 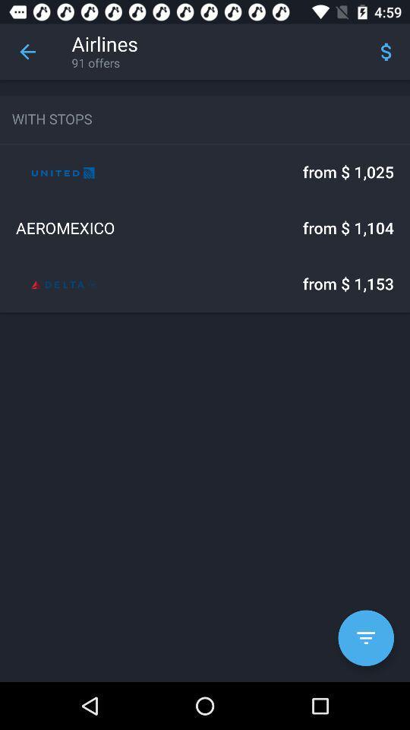 What do you see at coordinates (365, 638) in the screenshot?
I see `the filter_list icon` at bounding box center [365, 638].